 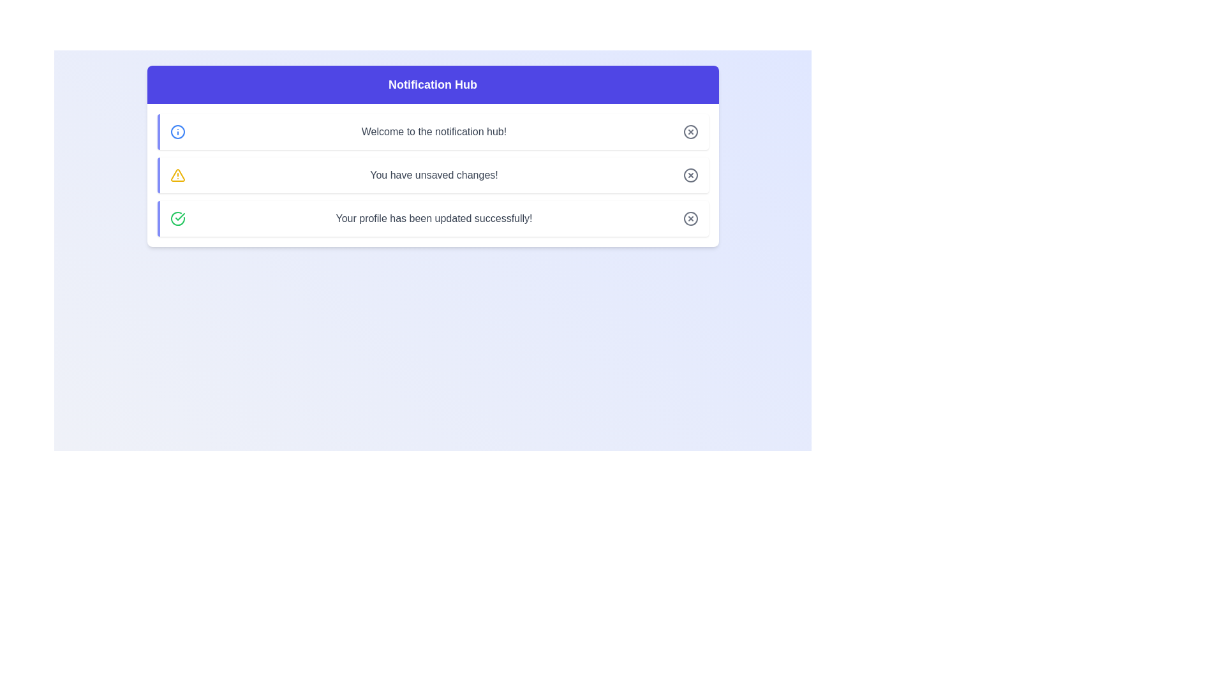 I want to click on message of the Text label within the notification component that informs the user their profile was updated, located in the third notification block, so click(x=434, y=218).